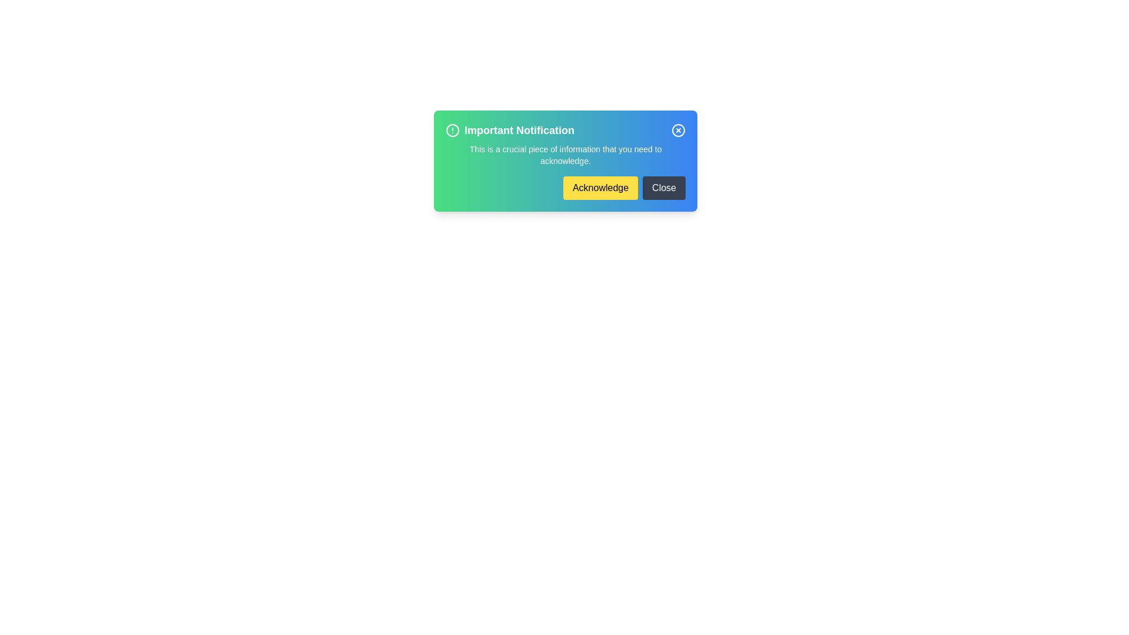 The image size is (1129, 635). What do you see at coordinates (510, 131) in the screenshot?
I see `the 'Important Notification' text with the adjacent exclamation mark icon, located in the notification box on the left side above the content text and buttons` at bounding box center [510, 131].